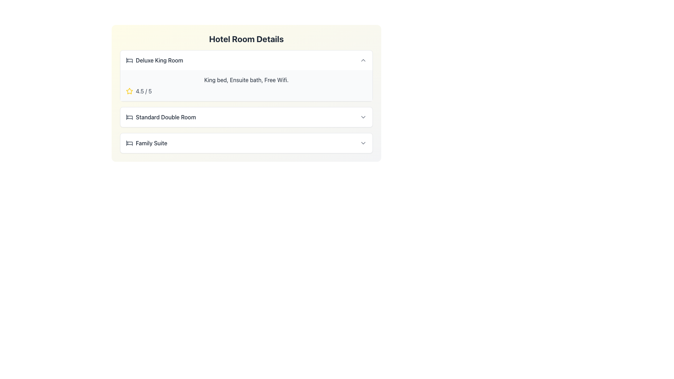  What do you see at coordinates (159, 60) in the screenshot?
I see `the static text element labeled 'Deluxe King Room' which is styled with a medium font weight and dark gray color, located next to a small bed icon in the 'Hotel Room Details' section` at bounding box center [159, 60].